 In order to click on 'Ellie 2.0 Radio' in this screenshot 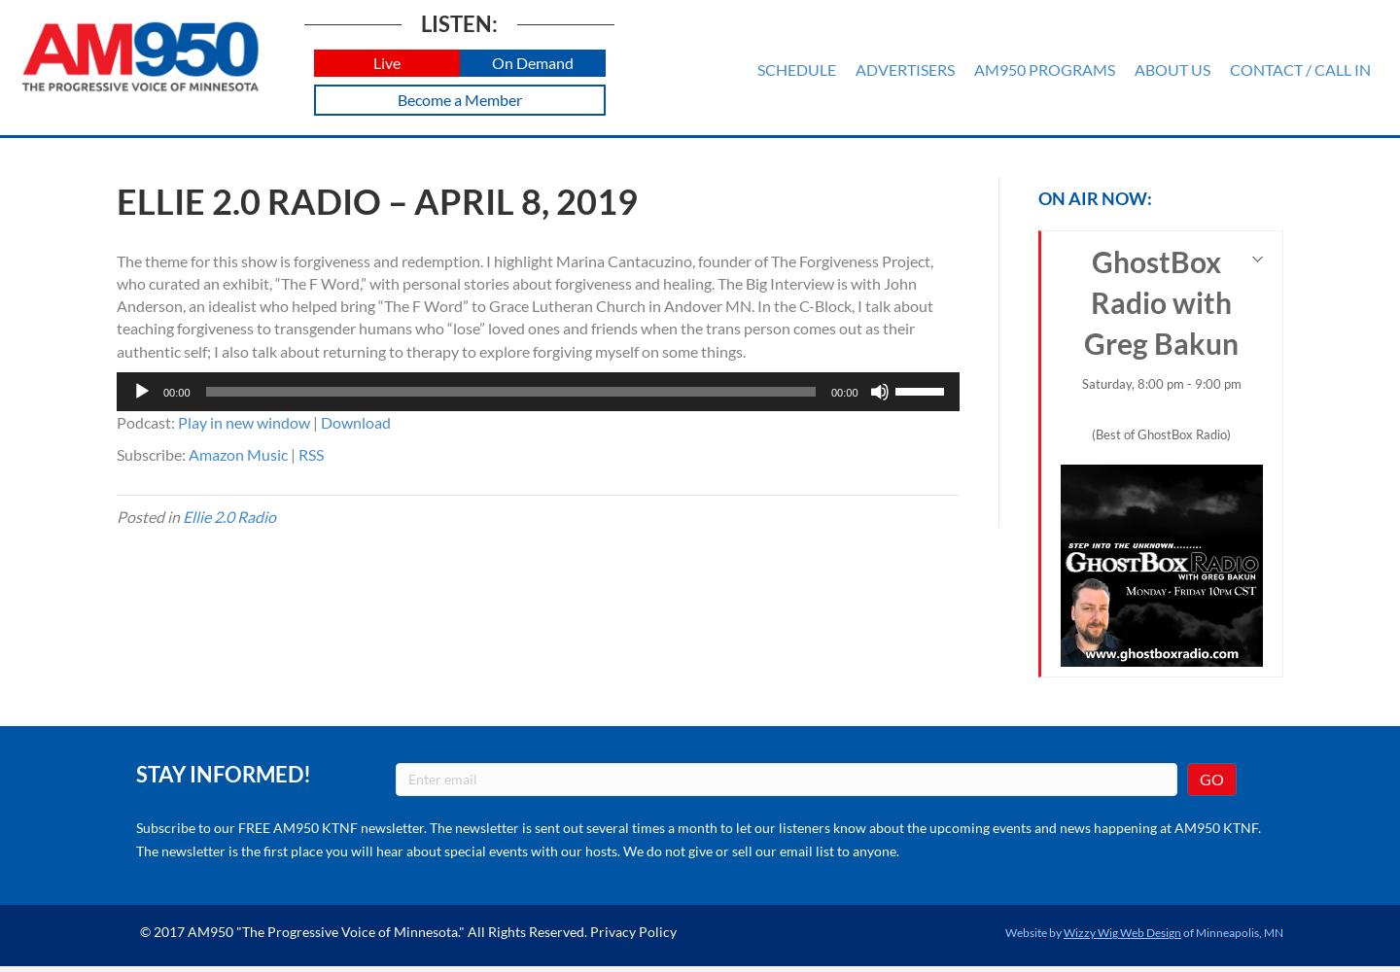, I will do `click(229, 516)`.